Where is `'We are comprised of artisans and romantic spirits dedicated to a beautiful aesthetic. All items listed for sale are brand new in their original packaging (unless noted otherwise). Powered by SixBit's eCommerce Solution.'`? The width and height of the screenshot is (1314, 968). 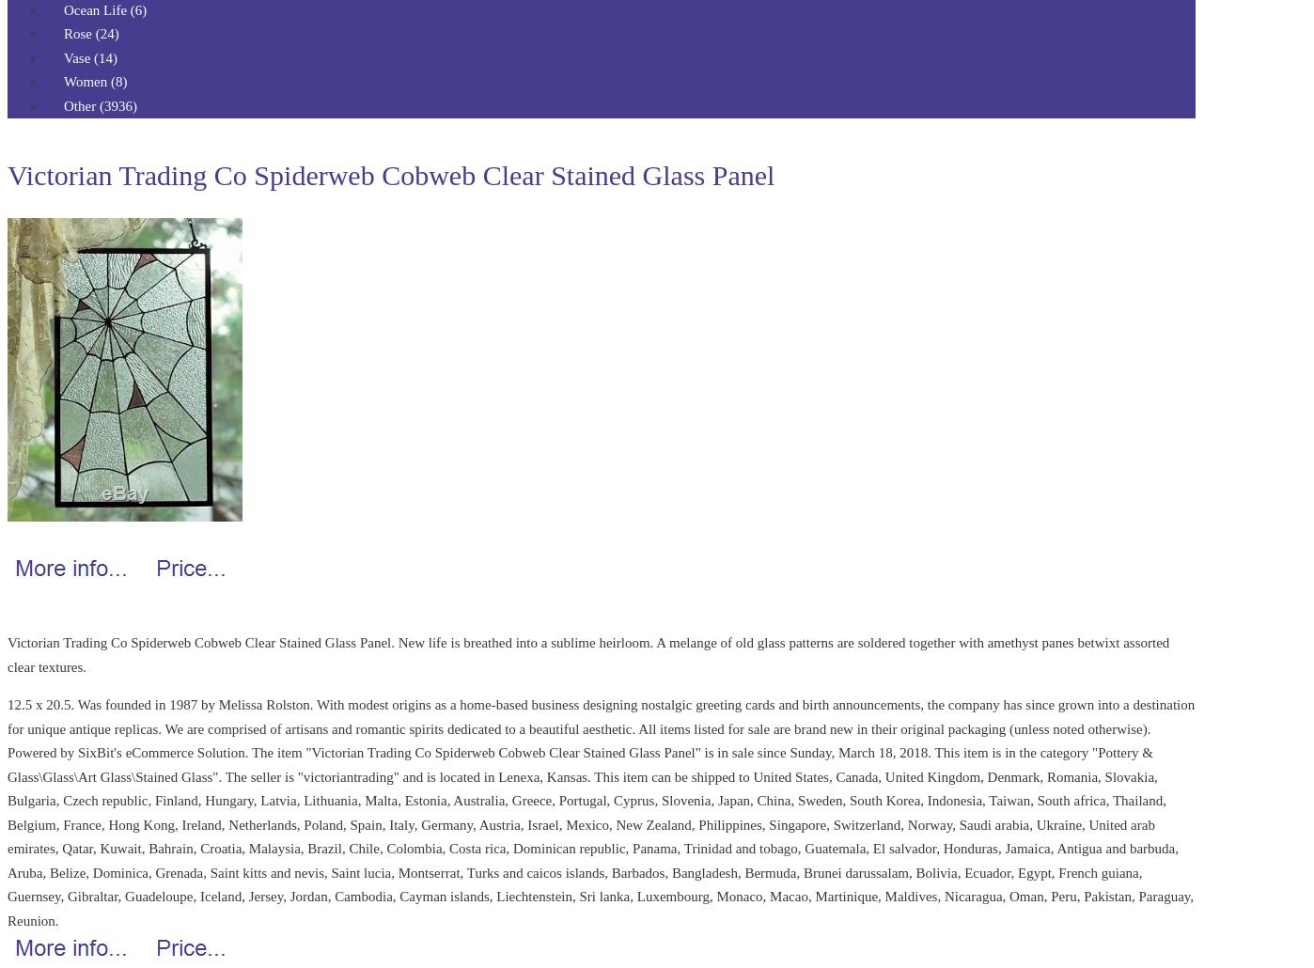 'We are comprised of artisans and romantic spirits dedicated to a beautiful aesthetic. All items listed for sale are brand new in their original packaging (unless noted otherwise). Powered by SixBit's eCommerce Solution.' is located at coordinates (7, 739).